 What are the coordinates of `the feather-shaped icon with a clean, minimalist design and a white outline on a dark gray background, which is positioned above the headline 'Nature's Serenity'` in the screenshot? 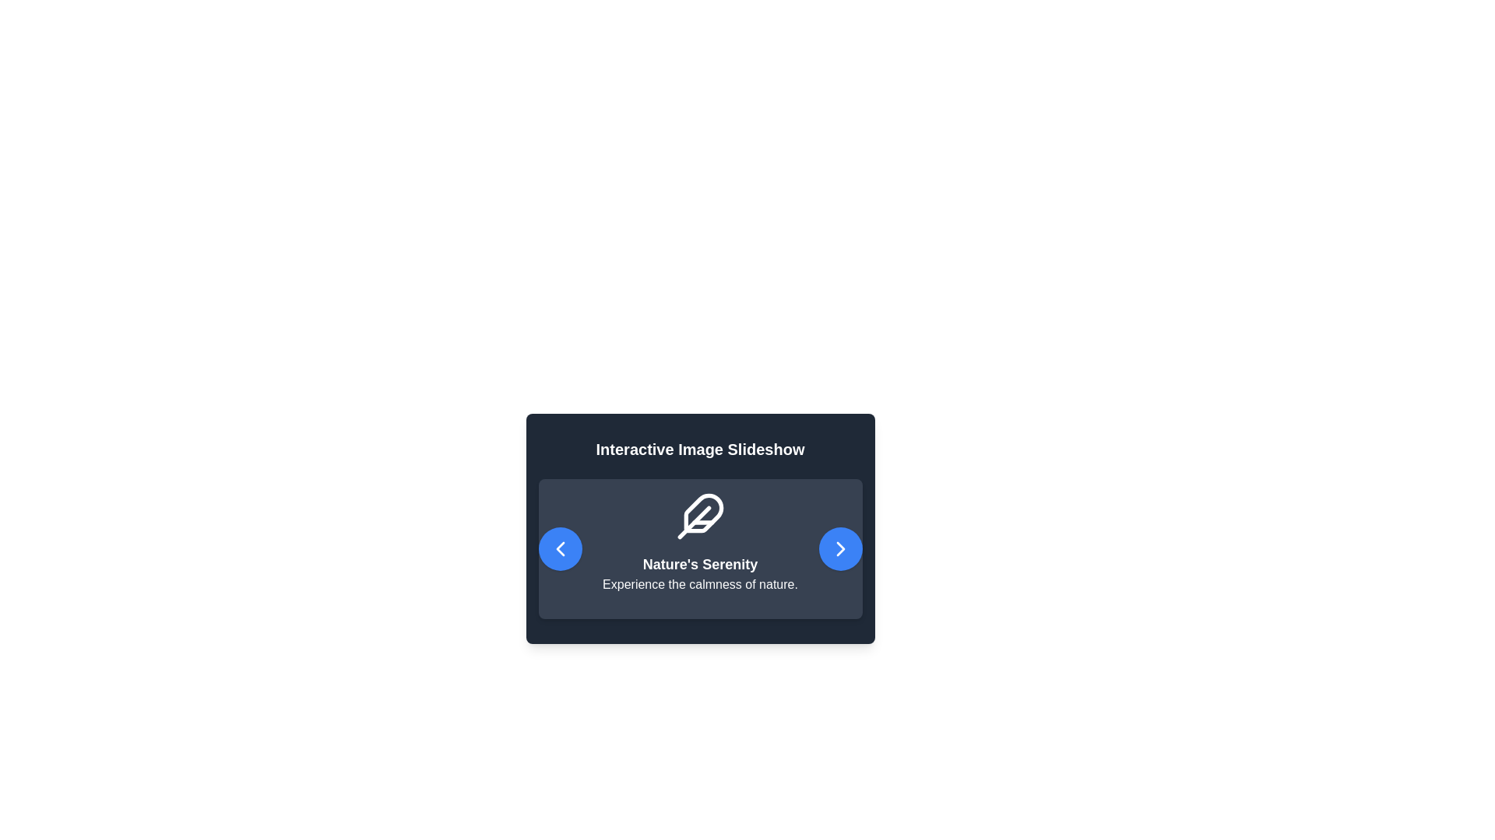 It's located at (699, 516).